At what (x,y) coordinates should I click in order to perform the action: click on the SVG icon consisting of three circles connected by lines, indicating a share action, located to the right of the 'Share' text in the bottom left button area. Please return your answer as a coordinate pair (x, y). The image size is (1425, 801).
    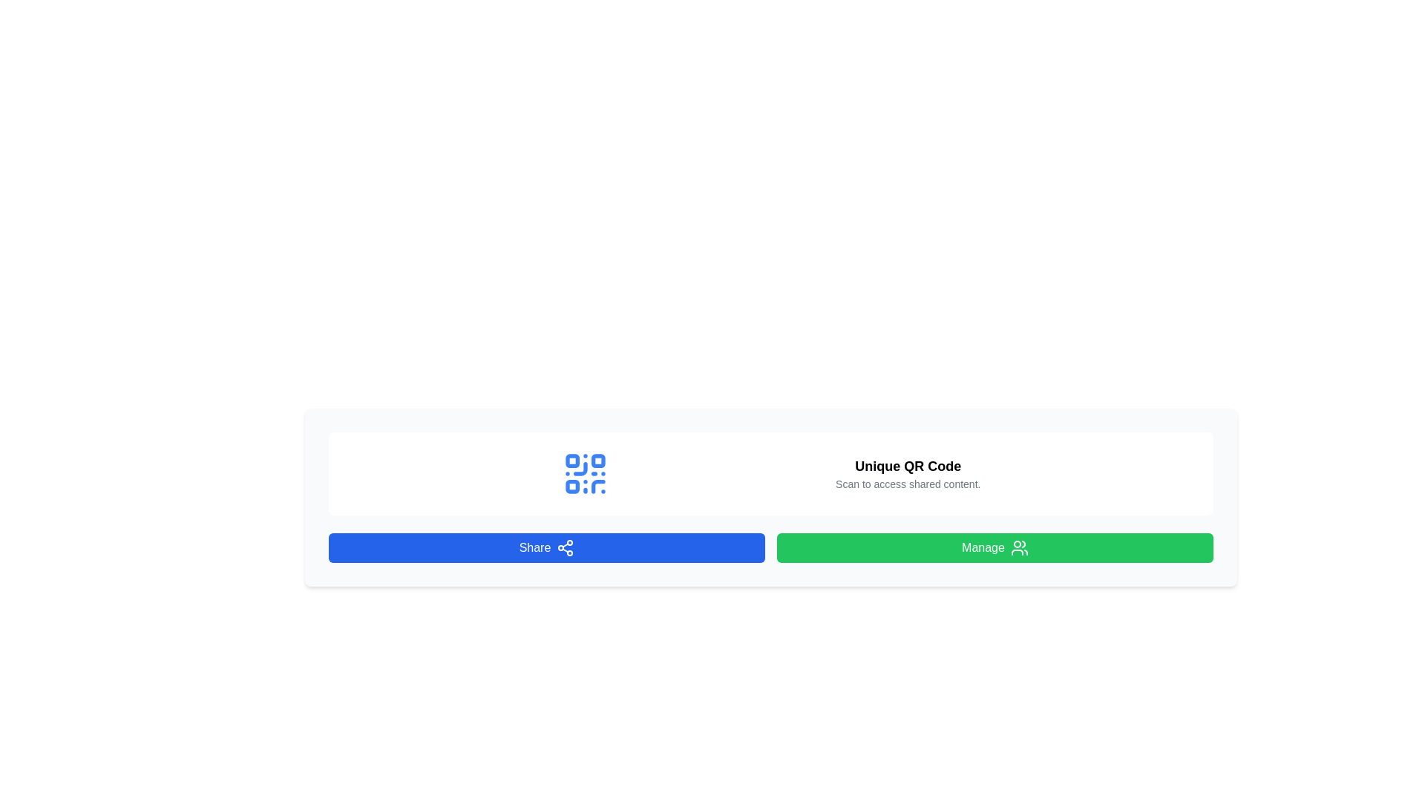
    Looking at the image, I should click on (565, 548).